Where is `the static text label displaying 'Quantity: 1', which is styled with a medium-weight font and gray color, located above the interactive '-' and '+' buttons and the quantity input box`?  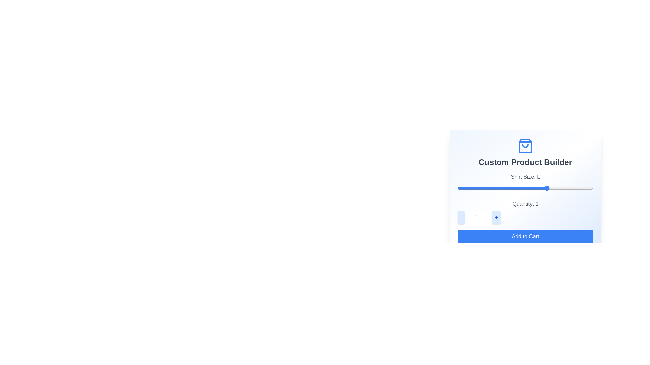
the static text label displaying 'Quantity: 1', which is styled with a medium-weight font and gray color, located above the interactive '-' and '+' buttons and the quantity input box is located at coordinates (525, 204).